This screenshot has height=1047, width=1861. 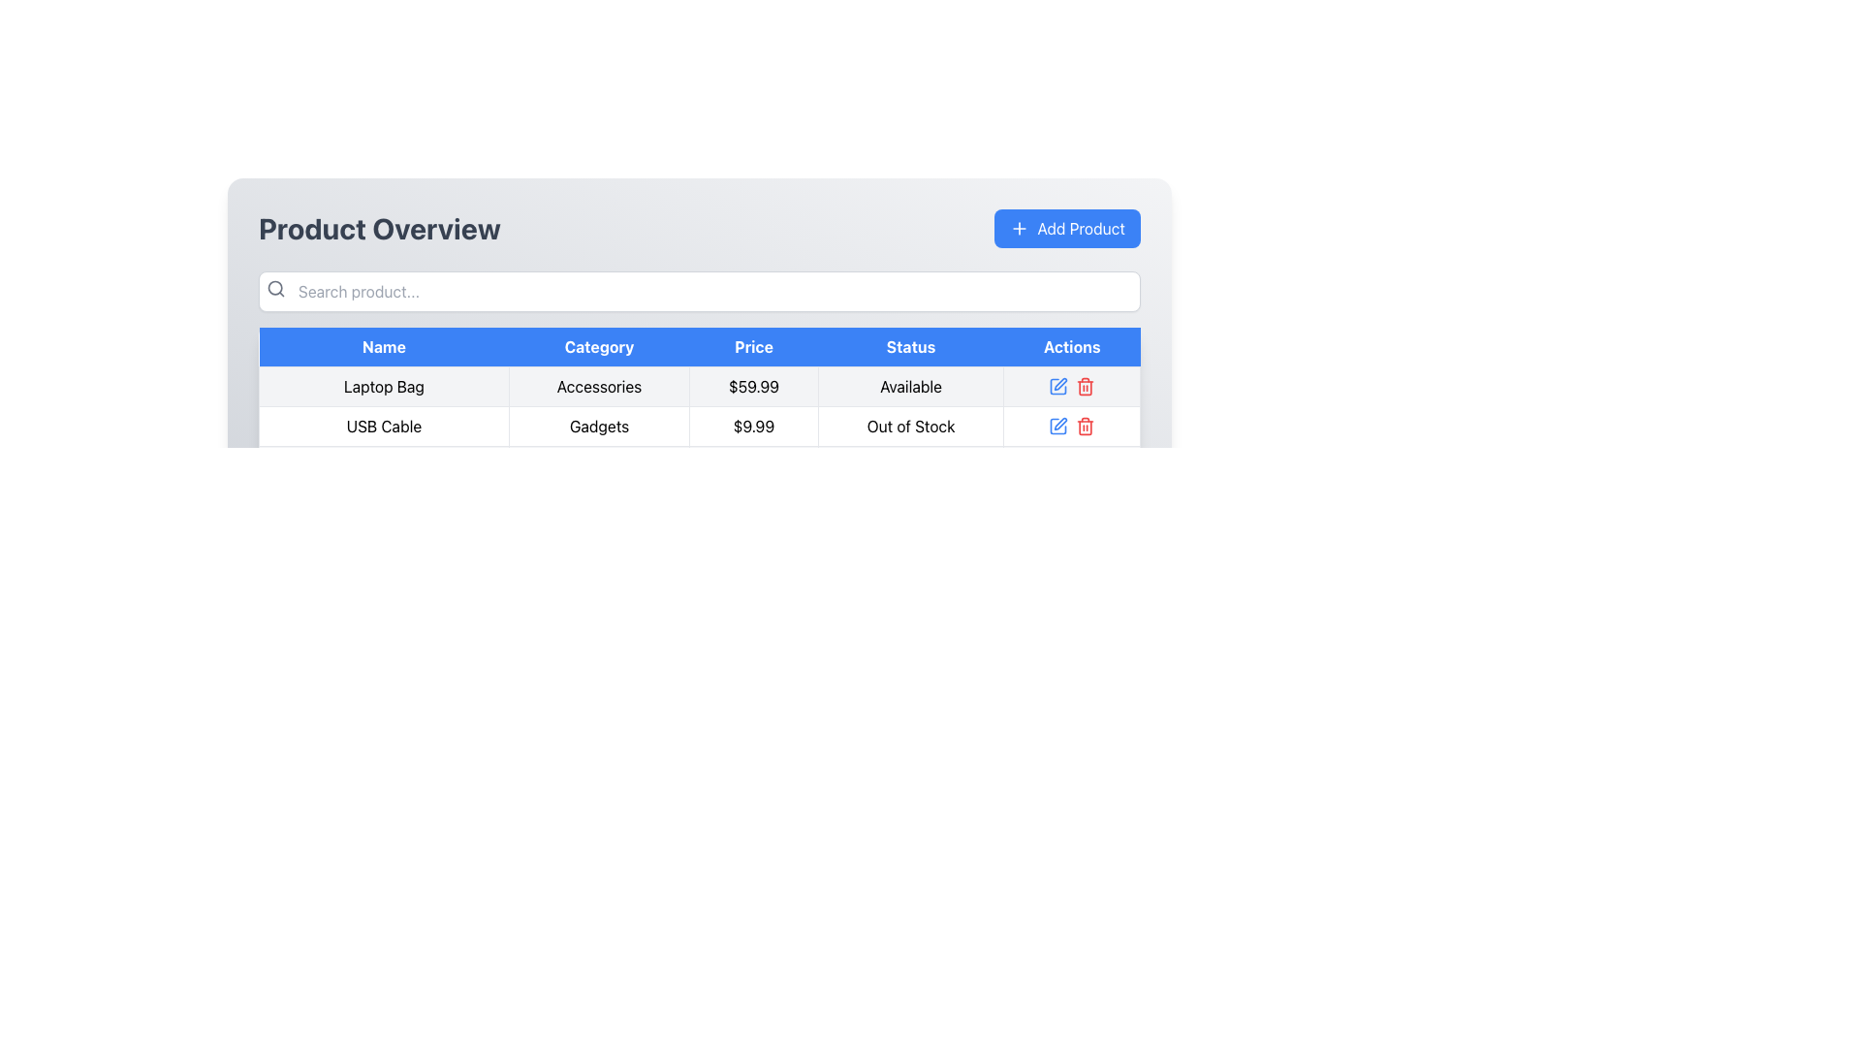 What do you see at coordinates (384, 346) in the screenshot?
I see `text content of the Table Header labeled 'Name', which is styled with a blue background and white text, located in the first column of the header row` at bounding box center [384, 346].